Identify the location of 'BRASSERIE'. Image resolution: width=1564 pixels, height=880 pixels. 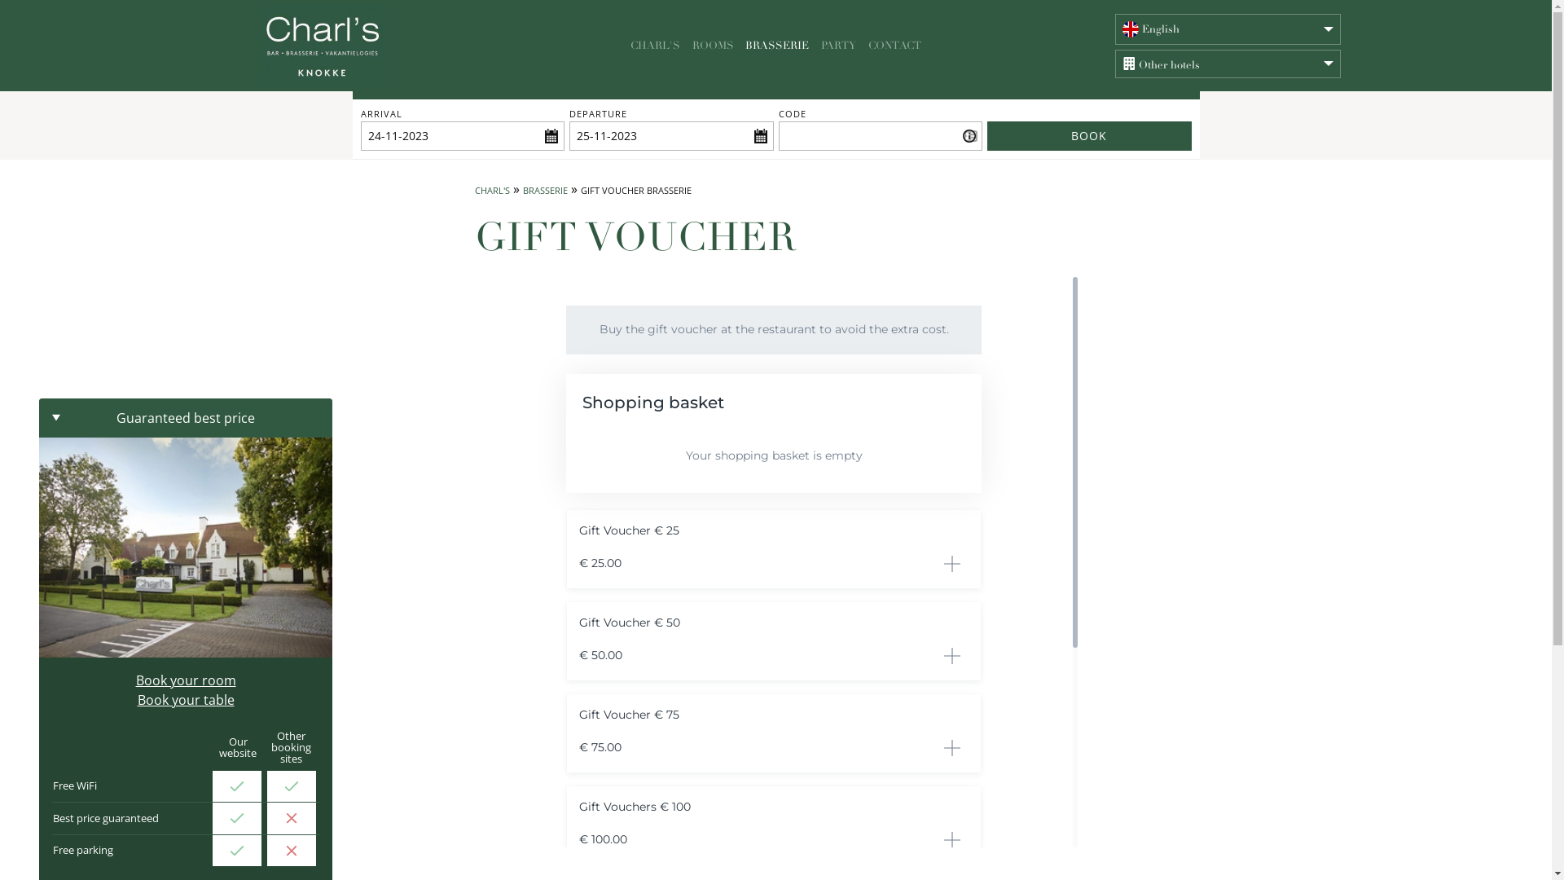
(776, 45).